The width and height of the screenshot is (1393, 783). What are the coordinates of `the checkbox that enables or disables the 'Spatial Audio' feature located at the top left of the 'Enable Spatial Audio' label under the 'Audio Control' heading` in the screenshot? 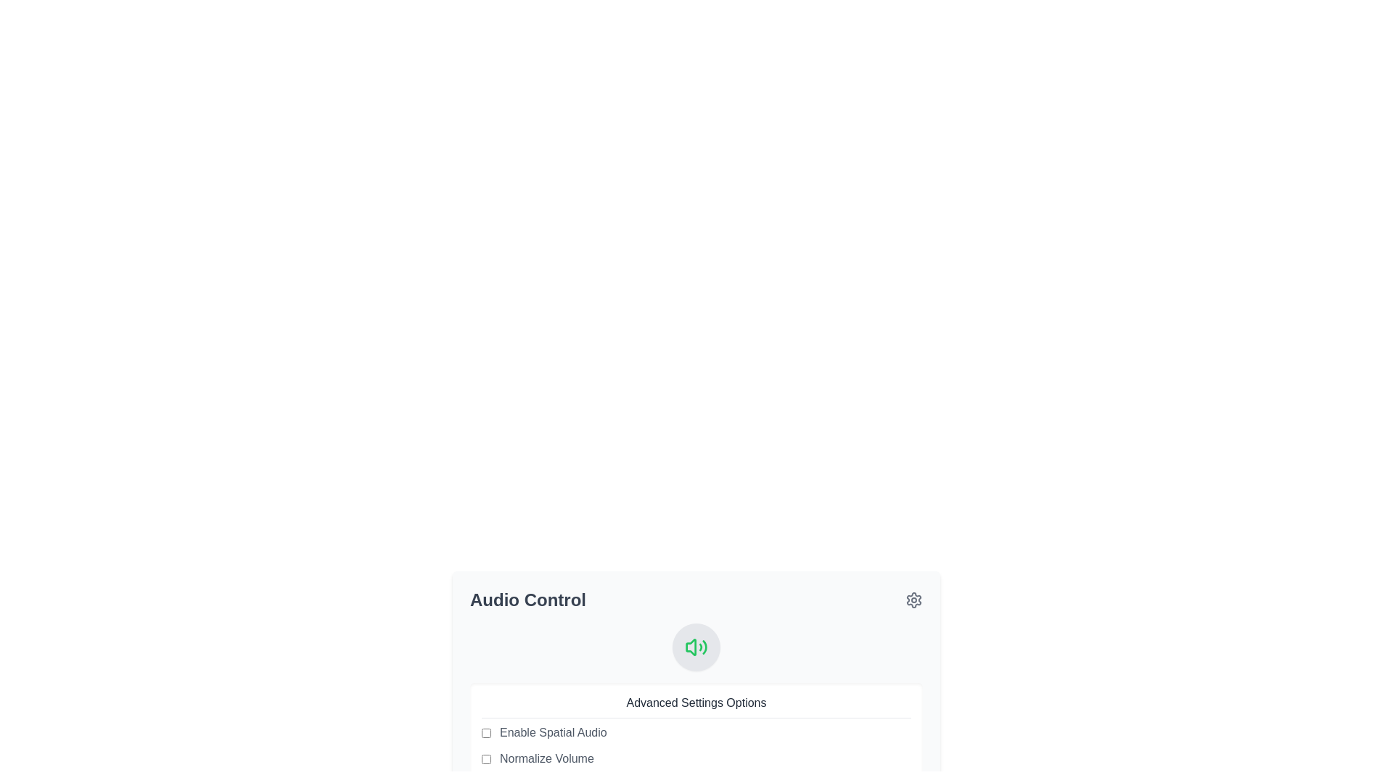 It's located at (486, 732).